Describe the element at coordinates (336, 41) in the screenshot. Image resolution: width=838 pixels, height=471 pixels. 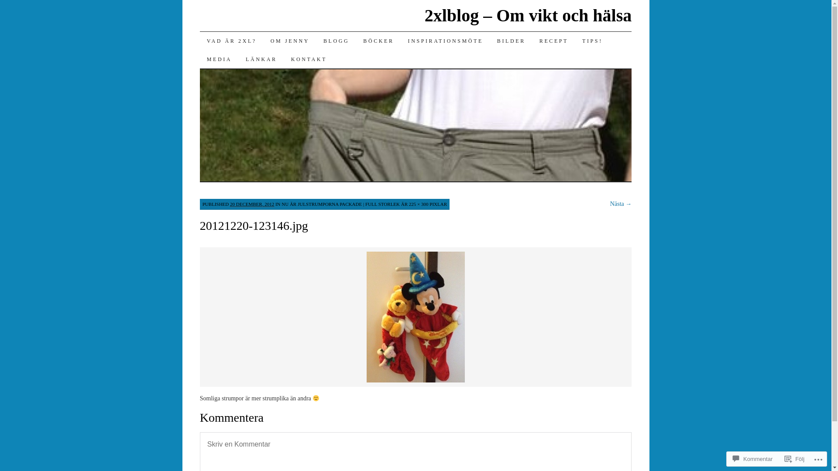
I see `'BLOGG'` at that location.